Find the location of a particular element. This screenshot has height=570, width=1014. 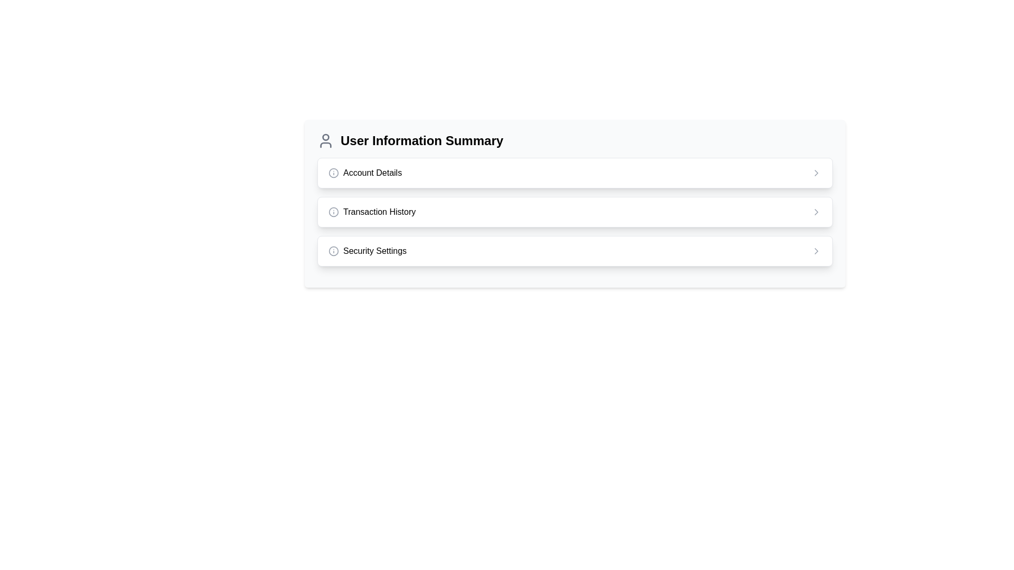

the user information icon located at the leftmost side of the layout containing the title 'User Information Summary' is located at coordinates (325, 140).